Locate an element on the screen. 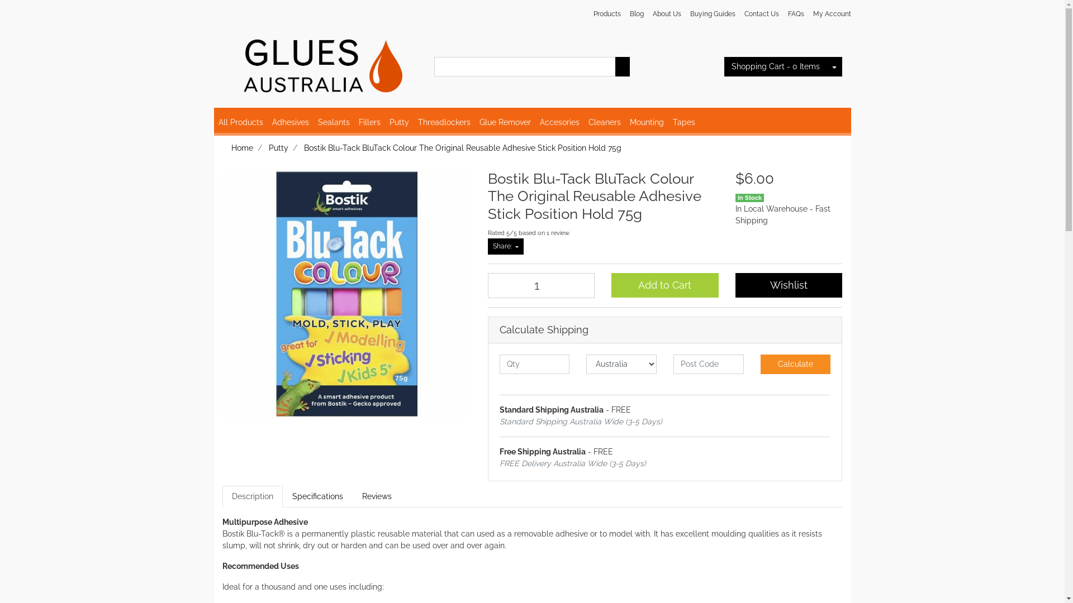 The image size is (1073, 603). 'Threadlockers' is located at coordinates (444, 122).